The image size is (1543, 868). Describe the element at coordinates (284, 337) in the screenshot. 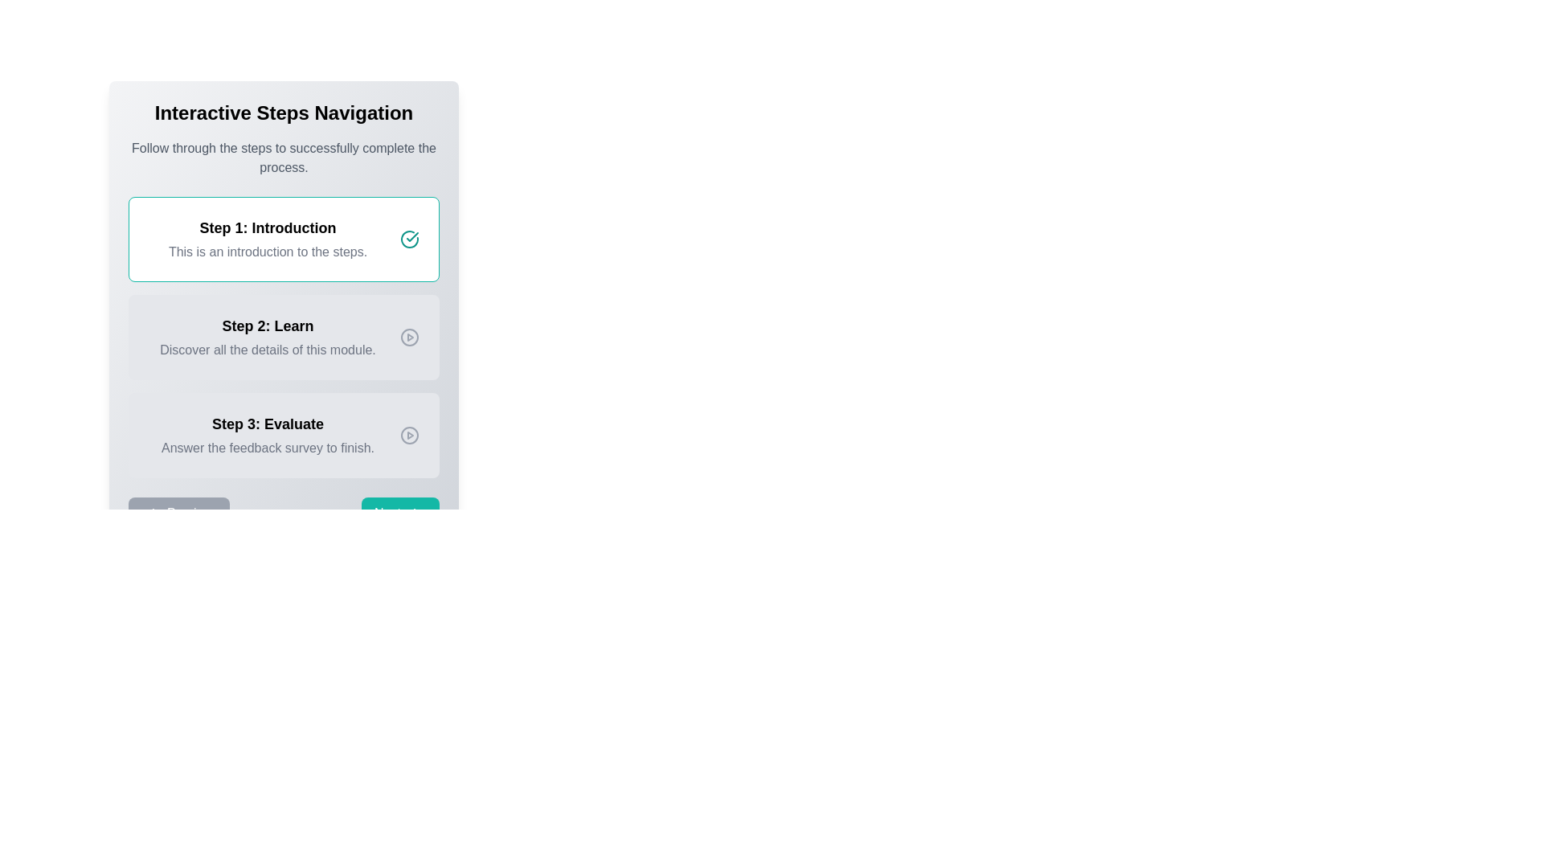

I see `the second interactive informational block in the 'Interactive Steps Navigation' section that is positioned between 'Step 1: Introduction' and 'Step 3: Evaluate'` at that location.